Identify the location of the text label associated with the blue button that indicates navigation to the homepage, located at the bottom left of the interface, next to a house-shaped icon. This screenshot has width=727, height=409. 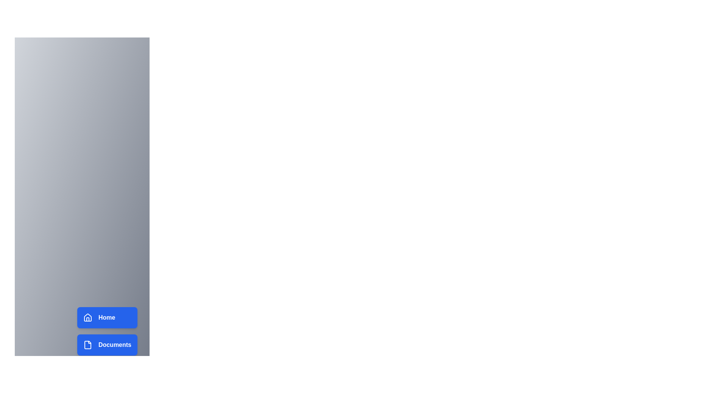
(106, 318).